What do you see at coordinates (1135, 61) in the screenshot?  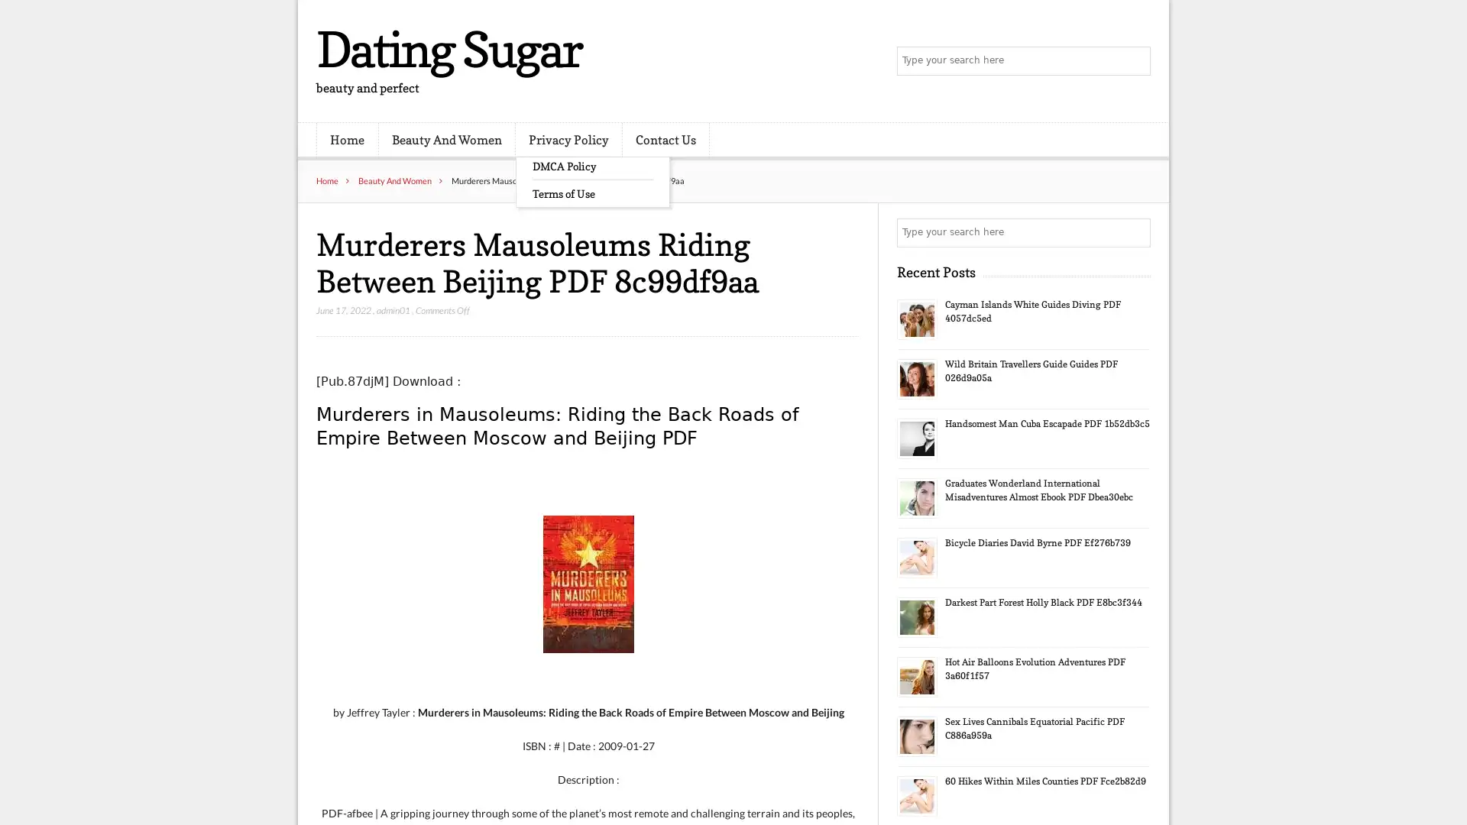 I see `Search` at bounding box center [1135, 61].